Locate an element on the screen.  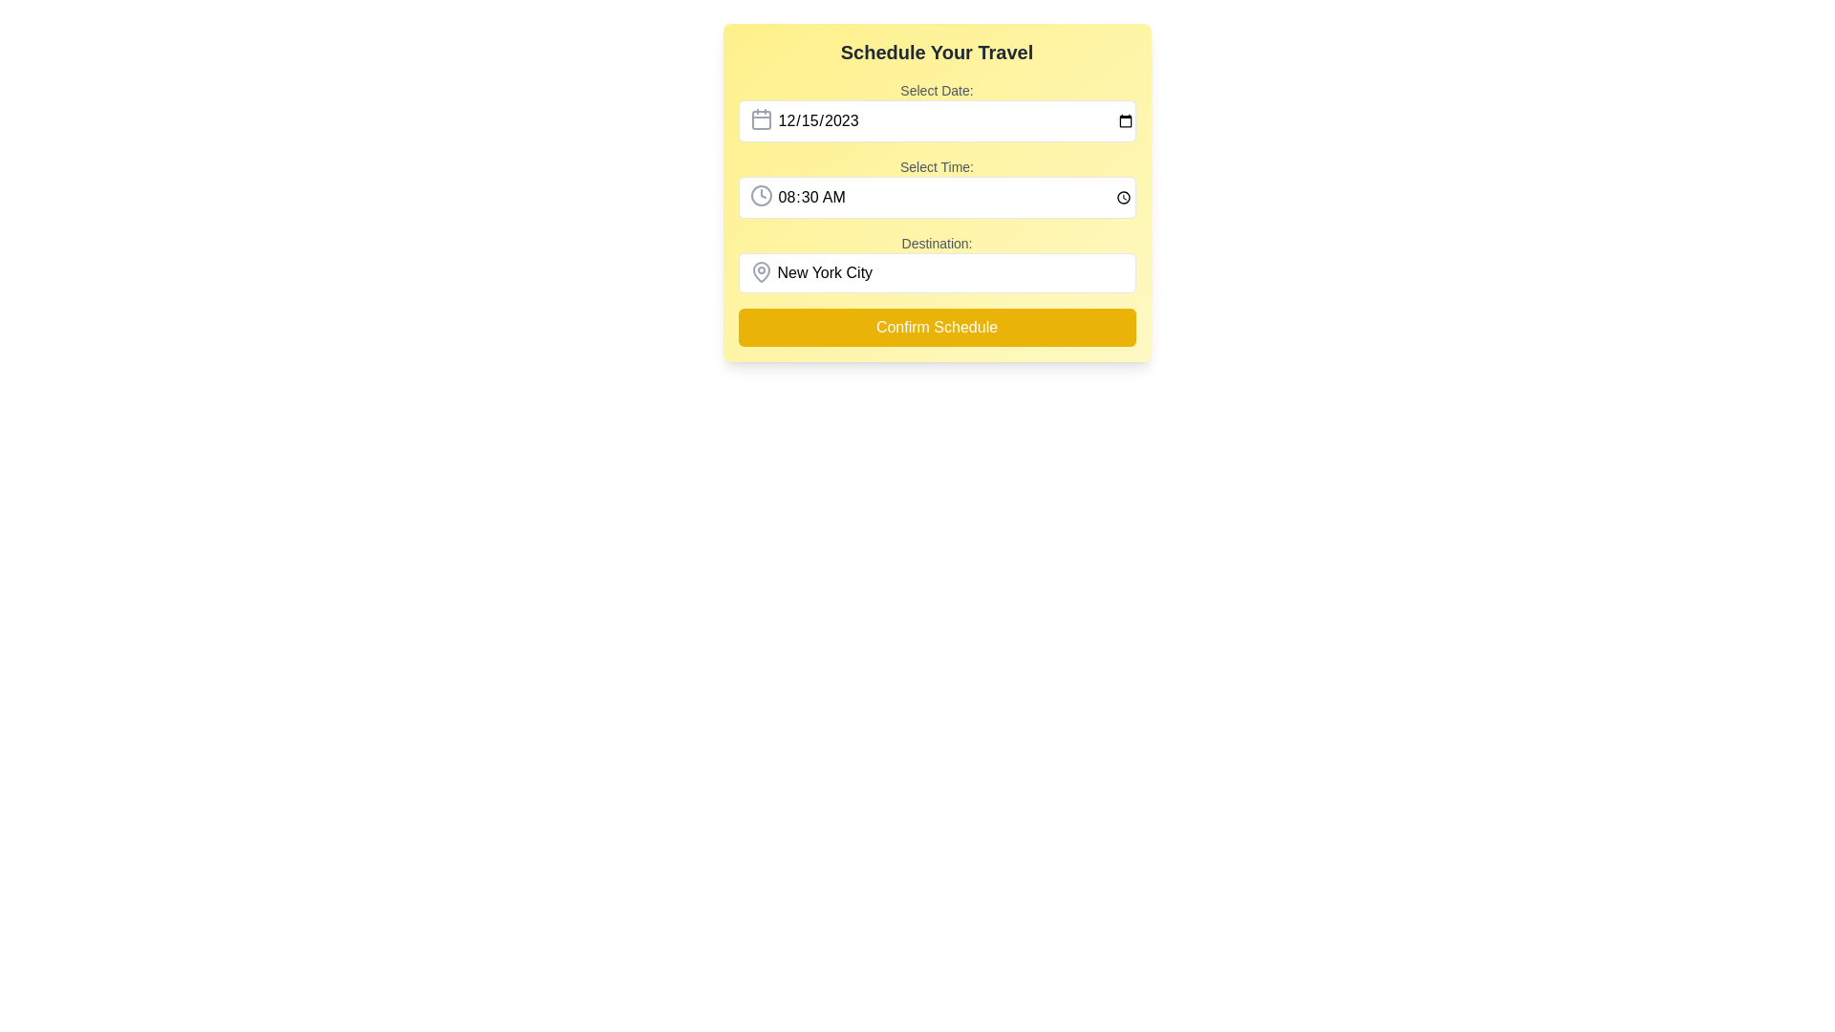
the calendar icon, which is a rectangular shape with rounded corners located to the left of the 'Select Date' text field is located at coordinates (760, 120).